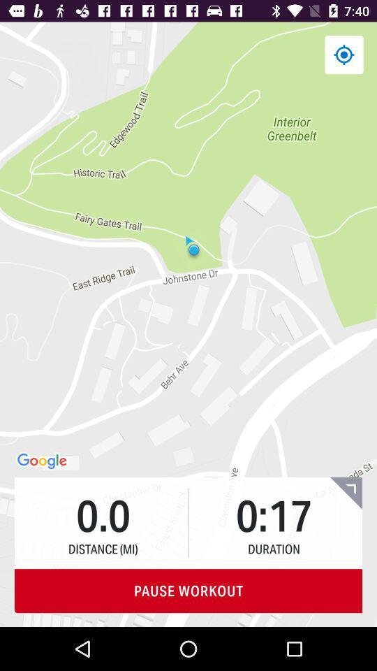  I want to click on the pause workout icon, so click(188, 590).